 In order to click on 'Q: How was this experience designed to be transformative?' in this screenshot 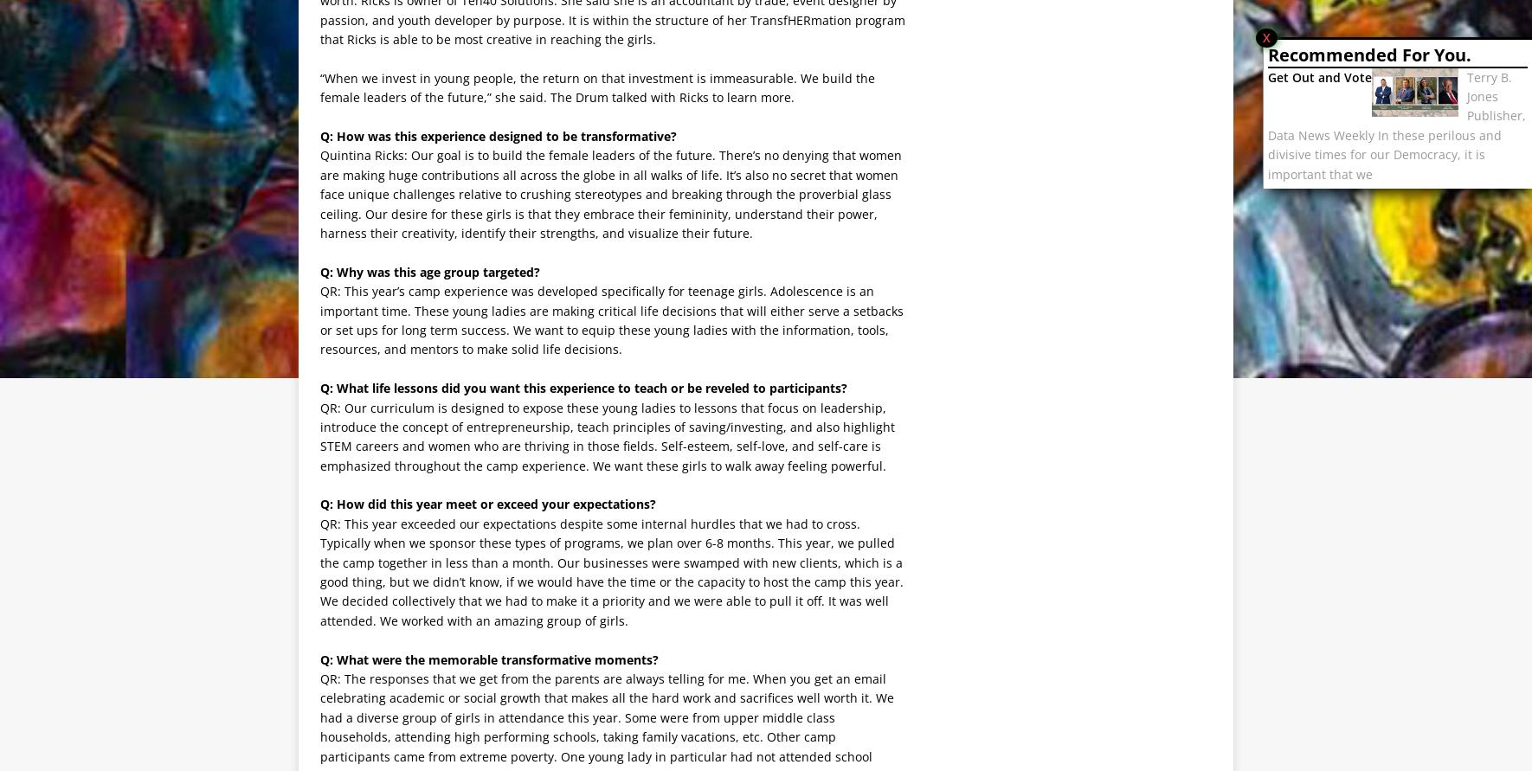, I will do `click(498, 135)`.